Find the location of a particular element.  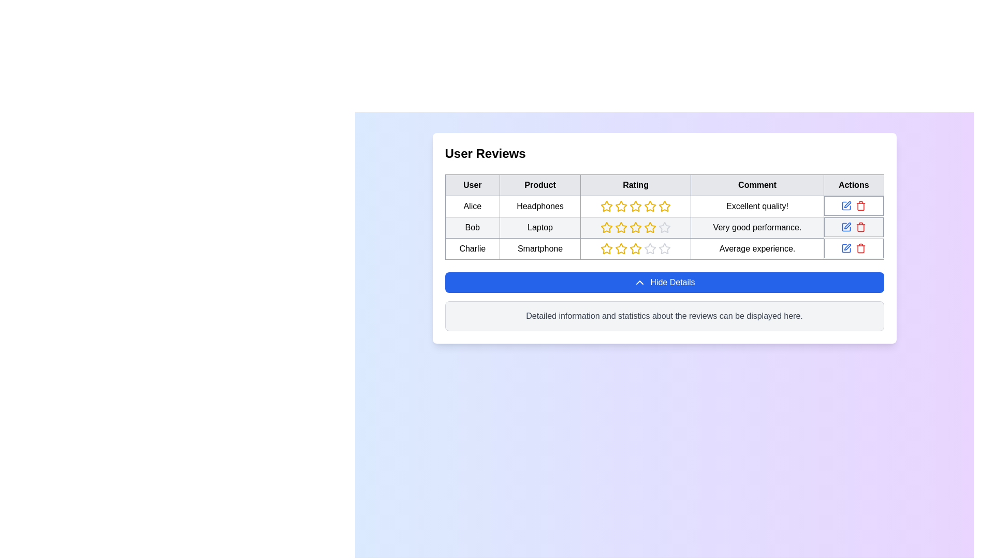

the vector graphic component, which is a small icon with rounded corners located in the Actions column of the review row for 'Bob' and 'Laptop' is located at coordinates (846, 226).